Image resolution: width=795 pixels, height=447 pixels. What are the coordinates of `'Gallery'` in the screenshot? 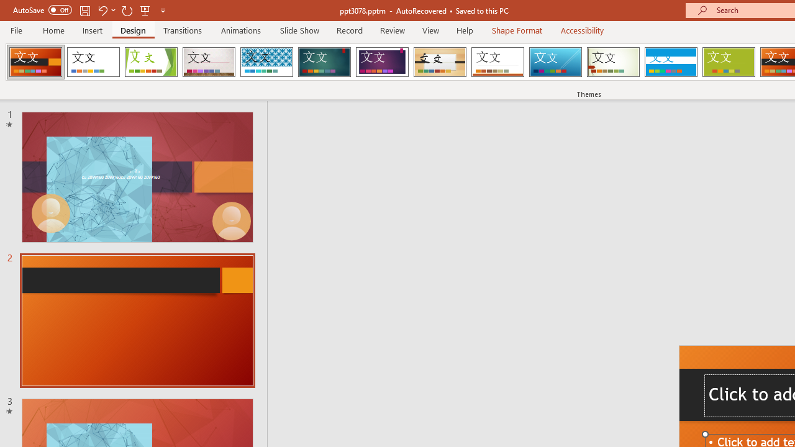 It's located at (209, 62).